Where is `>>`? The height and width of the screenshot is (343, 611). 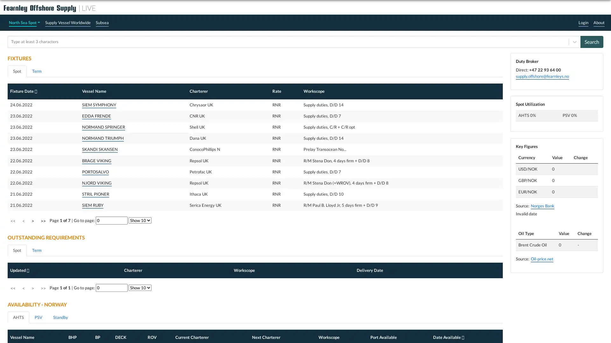
>> is located at coordinates (43, 220).